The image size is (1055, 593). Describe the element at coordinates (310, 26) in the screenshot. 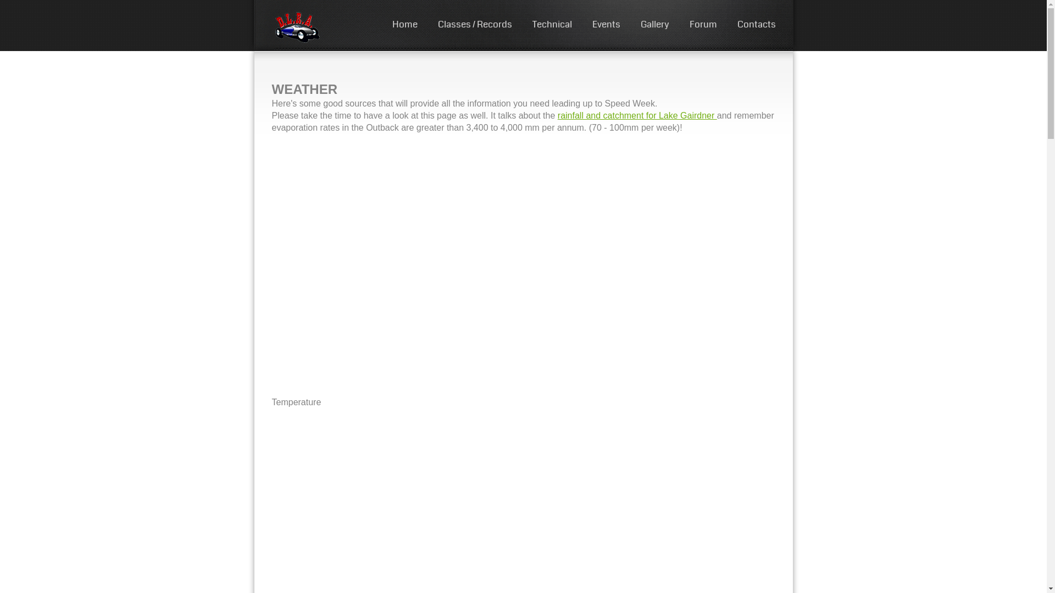

I see `'DLRA'` at that location.